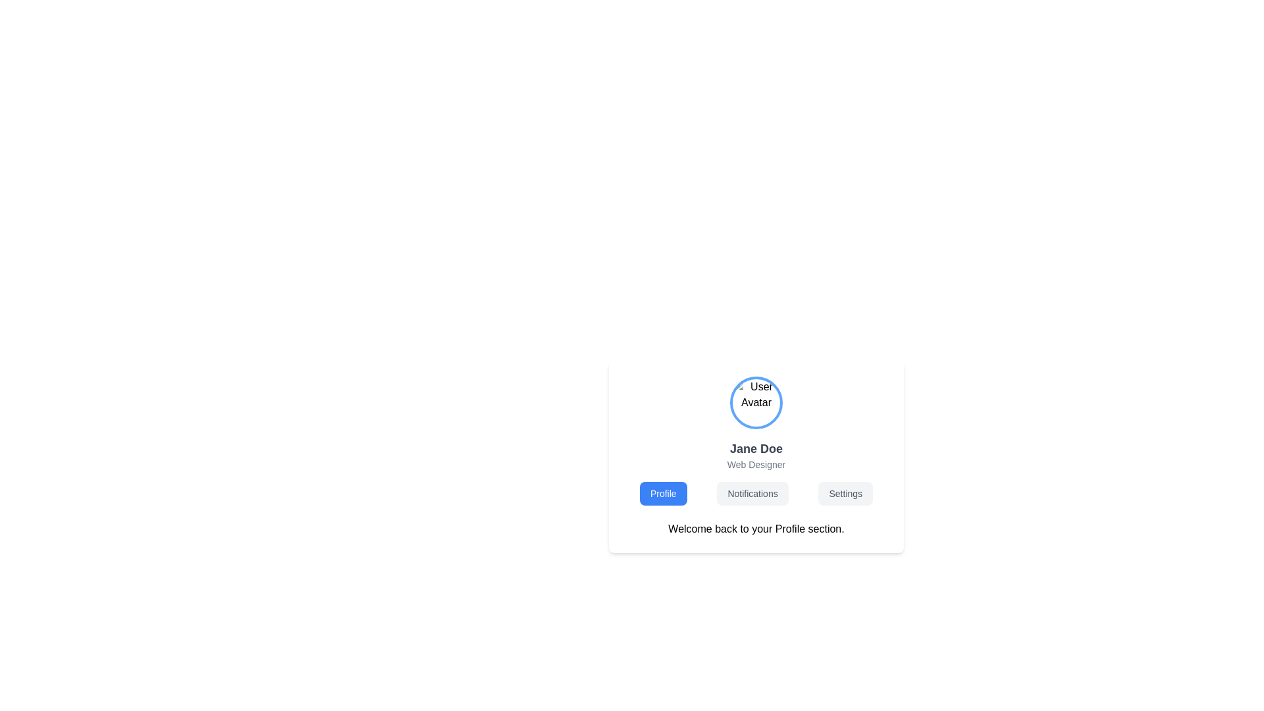 This screenshot has width=1264, height=711. I want to click on the 'Settings' button with a light gray background and rounded corners, so click(845, 493).